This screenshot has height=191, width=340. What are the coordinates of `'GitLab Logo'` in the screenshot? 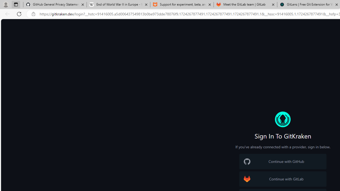 It's located at (246, 179).